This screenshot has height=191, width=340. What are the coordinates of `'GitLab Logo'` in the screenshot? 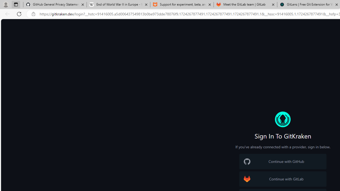 It's located at (246, 179).